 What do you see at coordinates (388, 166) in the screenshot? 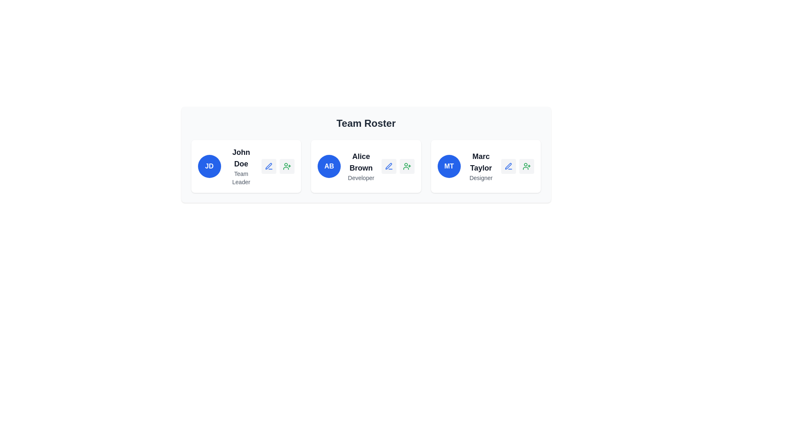
I see `the edit button located under the 'Alice Brown' profile in the team roster section to initiate an edit action` at bounding box center [388, 166].